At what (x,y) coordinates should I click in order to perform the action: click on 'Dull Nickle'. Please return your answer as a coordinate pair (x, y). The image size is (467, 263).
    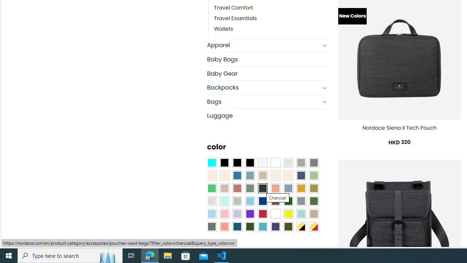
    Looking at the image, I should click on (211, 226).